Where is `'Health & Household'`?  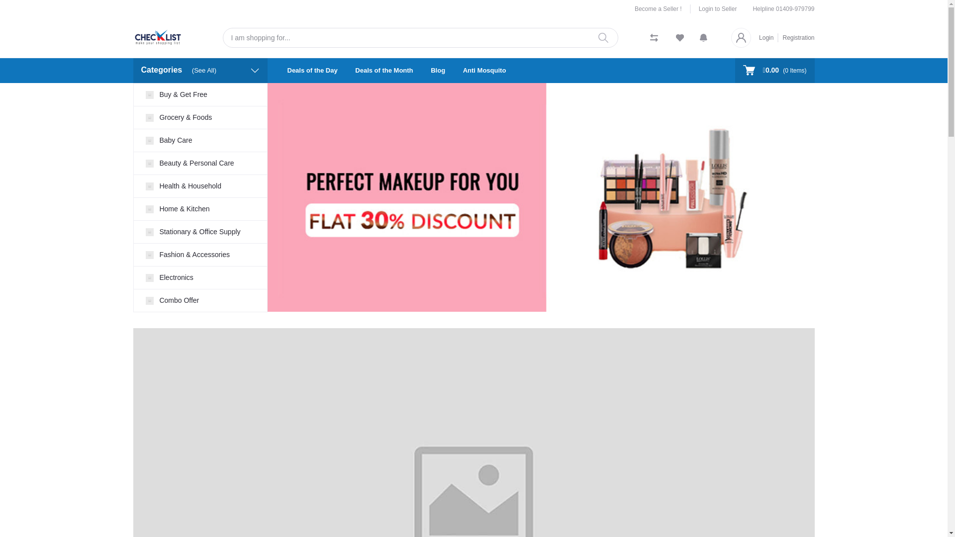
'Health & Household' is located at coordinates (199, 186).